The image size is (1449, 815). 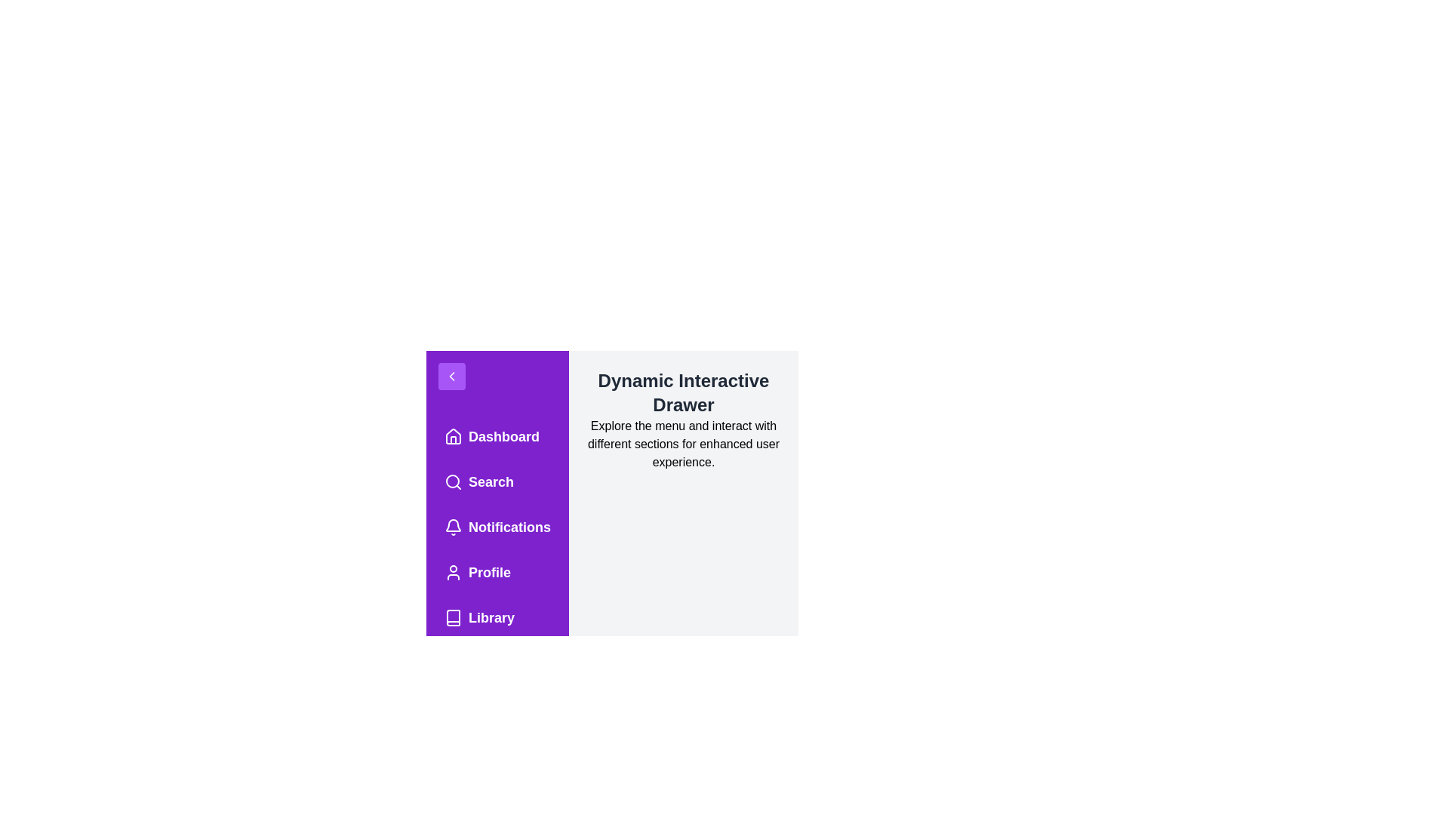 I want to click on the menu item Dashboard to highlight it, so click(x=497, y=436).